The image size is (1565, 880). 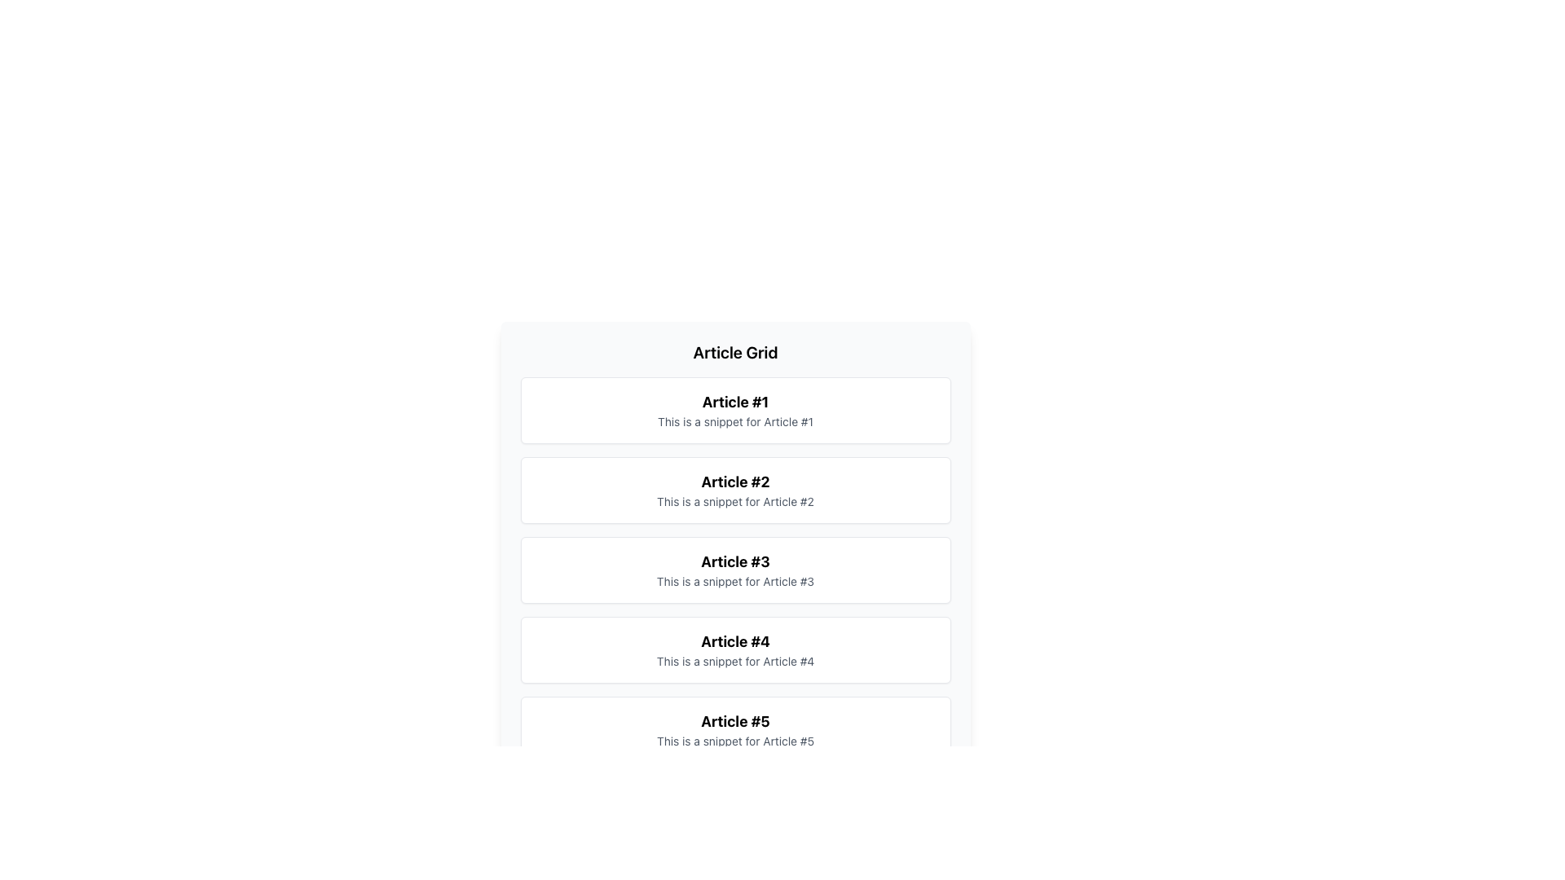 What do you see at coordinates (734, 741) in the screenshot?
I see `the descriptive text located at the bottom of the card representing 'Article #5', which is directly underneath its bold title` at bounding box center [734, 741].